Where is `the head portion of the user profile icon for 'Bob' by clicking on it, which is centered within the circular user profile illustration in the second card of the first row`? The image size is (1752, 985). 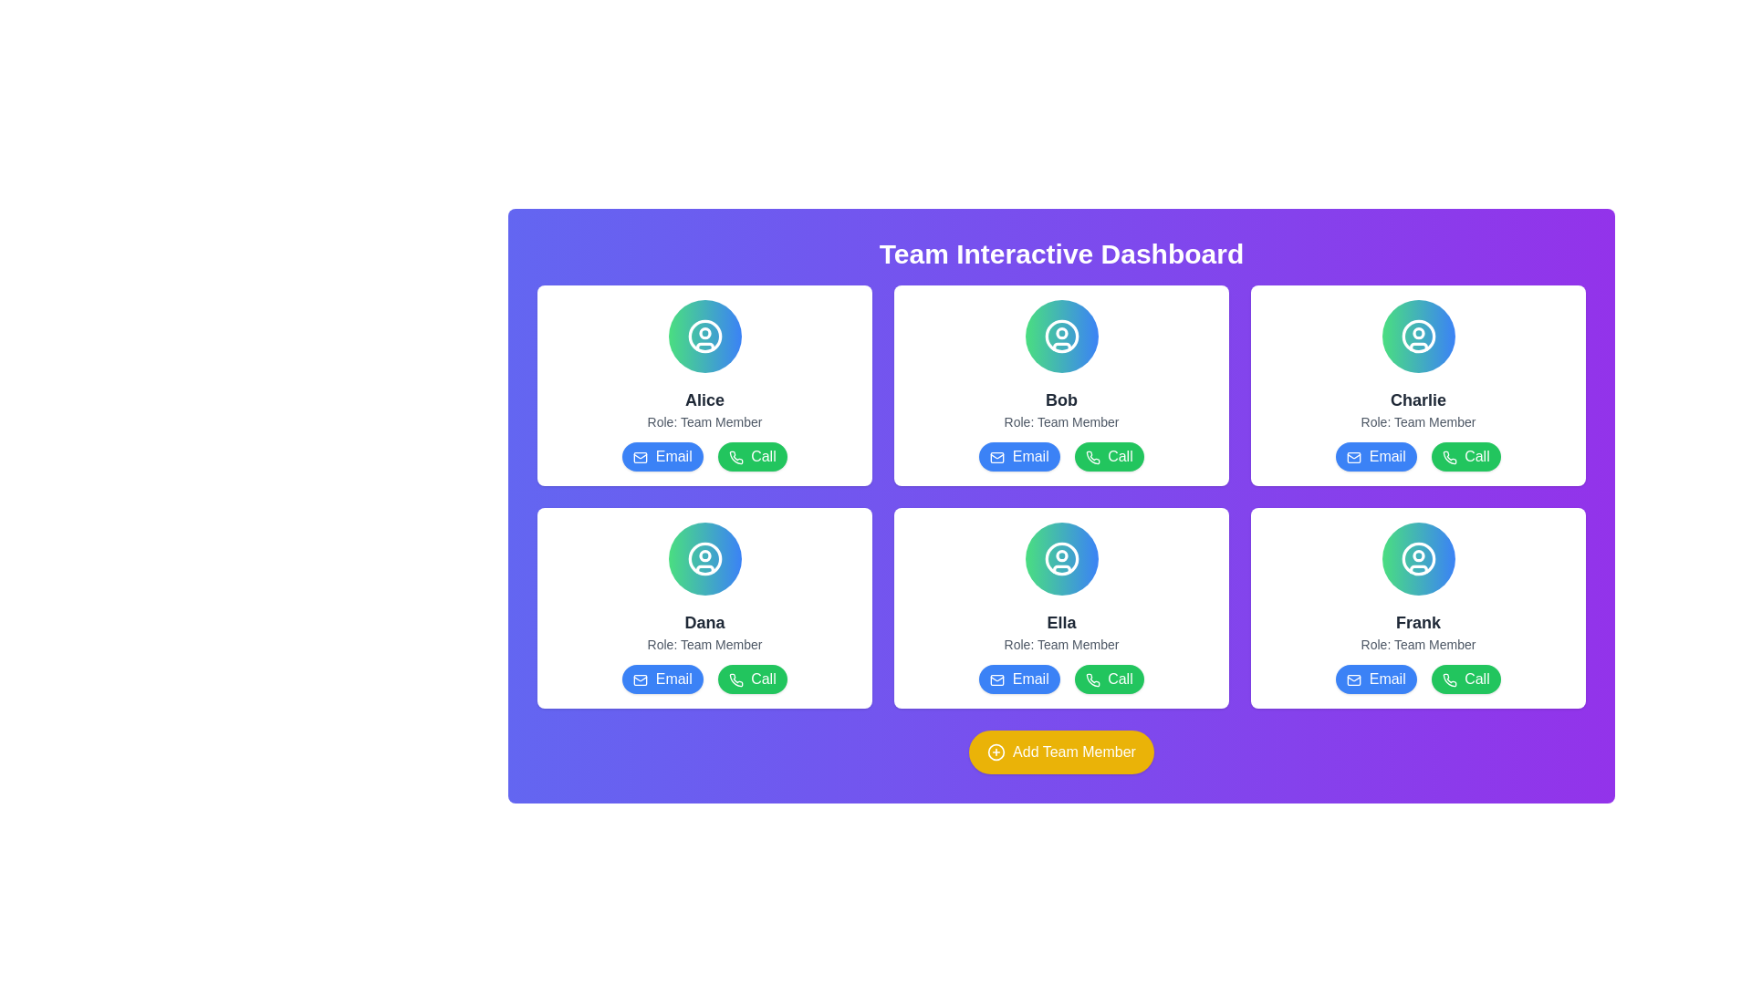
the head portion of the user profile icon for 'Bob' by clicking on it, which is centered within the circular user profile illustration in the second card of the first row is located at coordinates (1061, 333).